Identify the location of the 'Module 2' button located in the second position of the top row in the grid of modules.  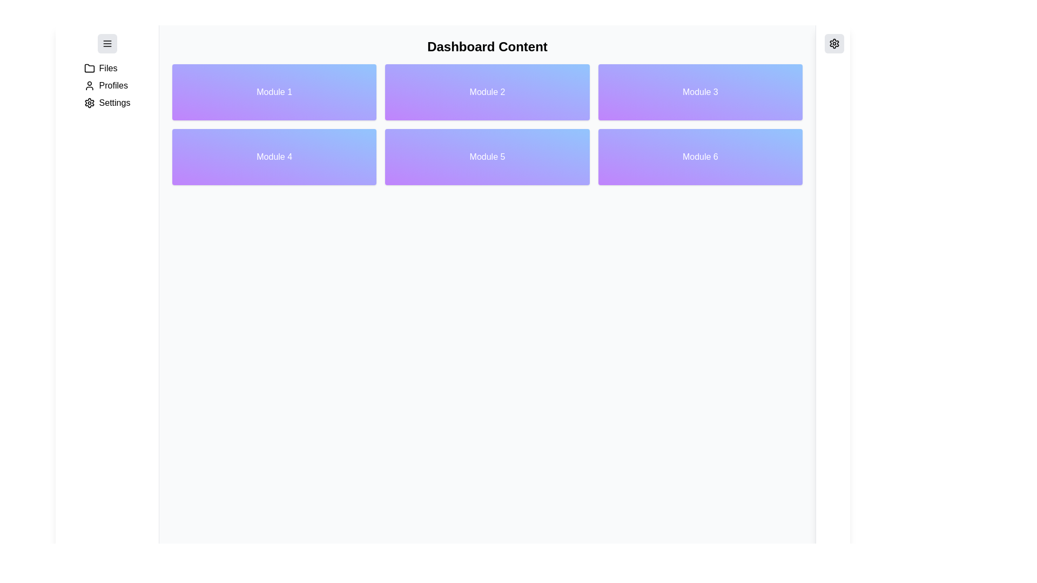
(487, 91).